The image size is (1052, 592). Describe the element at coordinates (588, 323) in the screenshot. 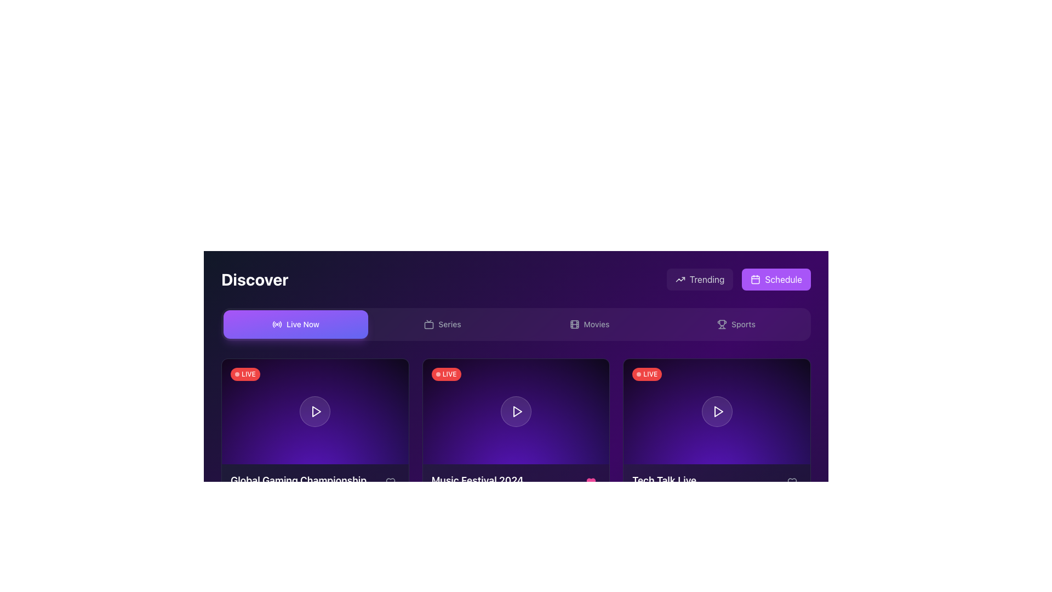

I see `the 'Movies' tab button in the horizontal navigation bar` at that location.